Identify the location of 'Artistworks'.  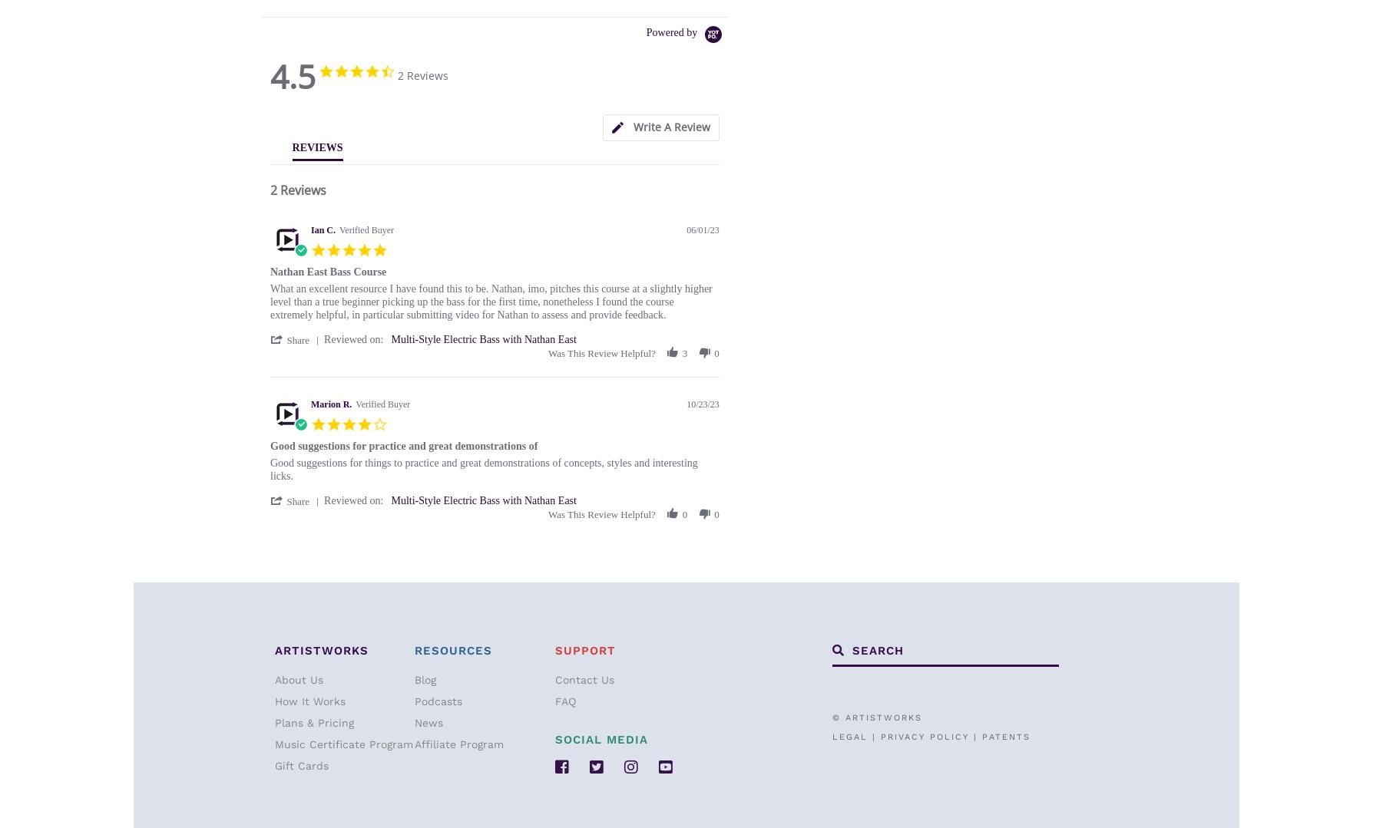
(320, 650).